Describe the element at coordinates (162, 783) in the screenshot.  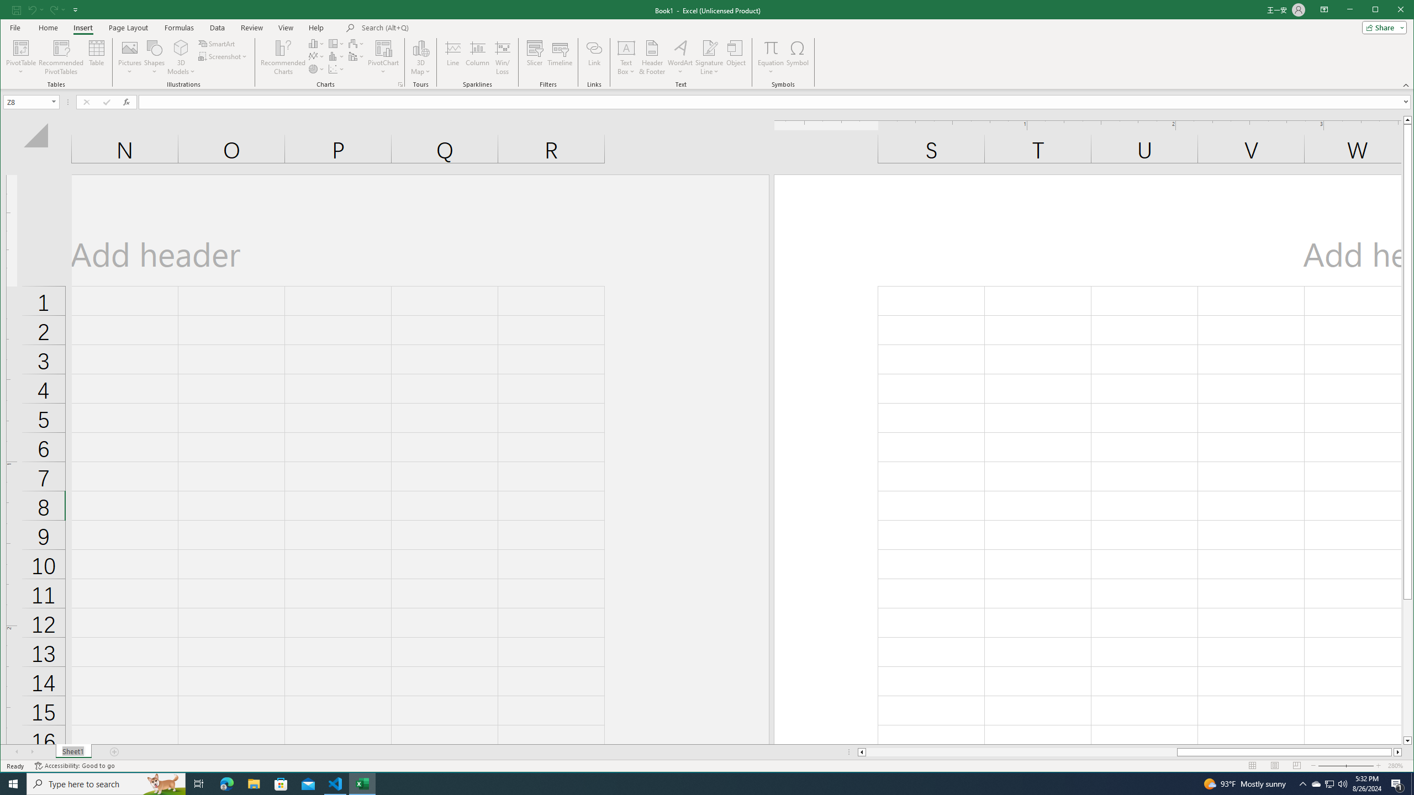
I see `'Search highlights icon opens search home window'` at that location.